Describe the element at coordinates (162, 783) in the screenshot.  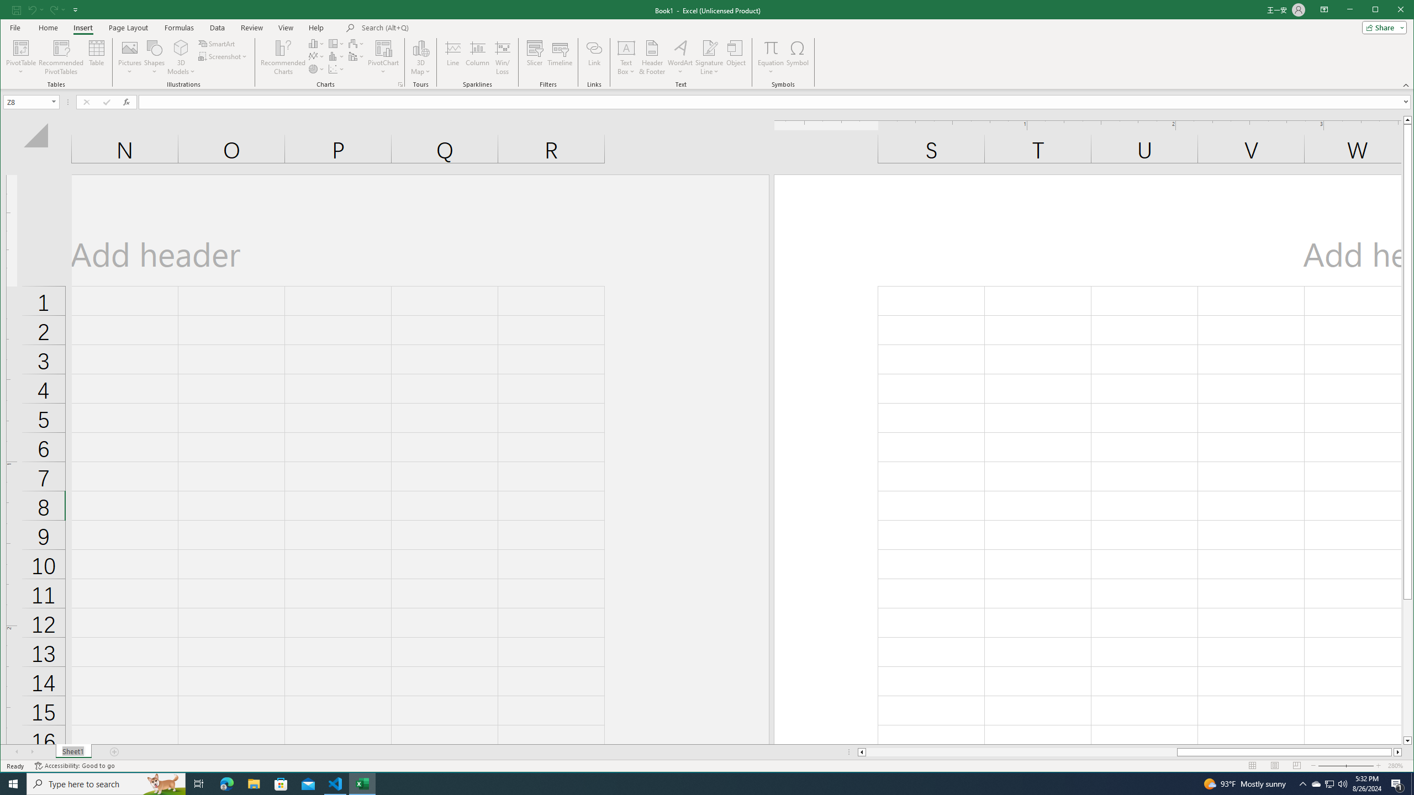
I see `'Search highlights icon opens search home window'` at that location.